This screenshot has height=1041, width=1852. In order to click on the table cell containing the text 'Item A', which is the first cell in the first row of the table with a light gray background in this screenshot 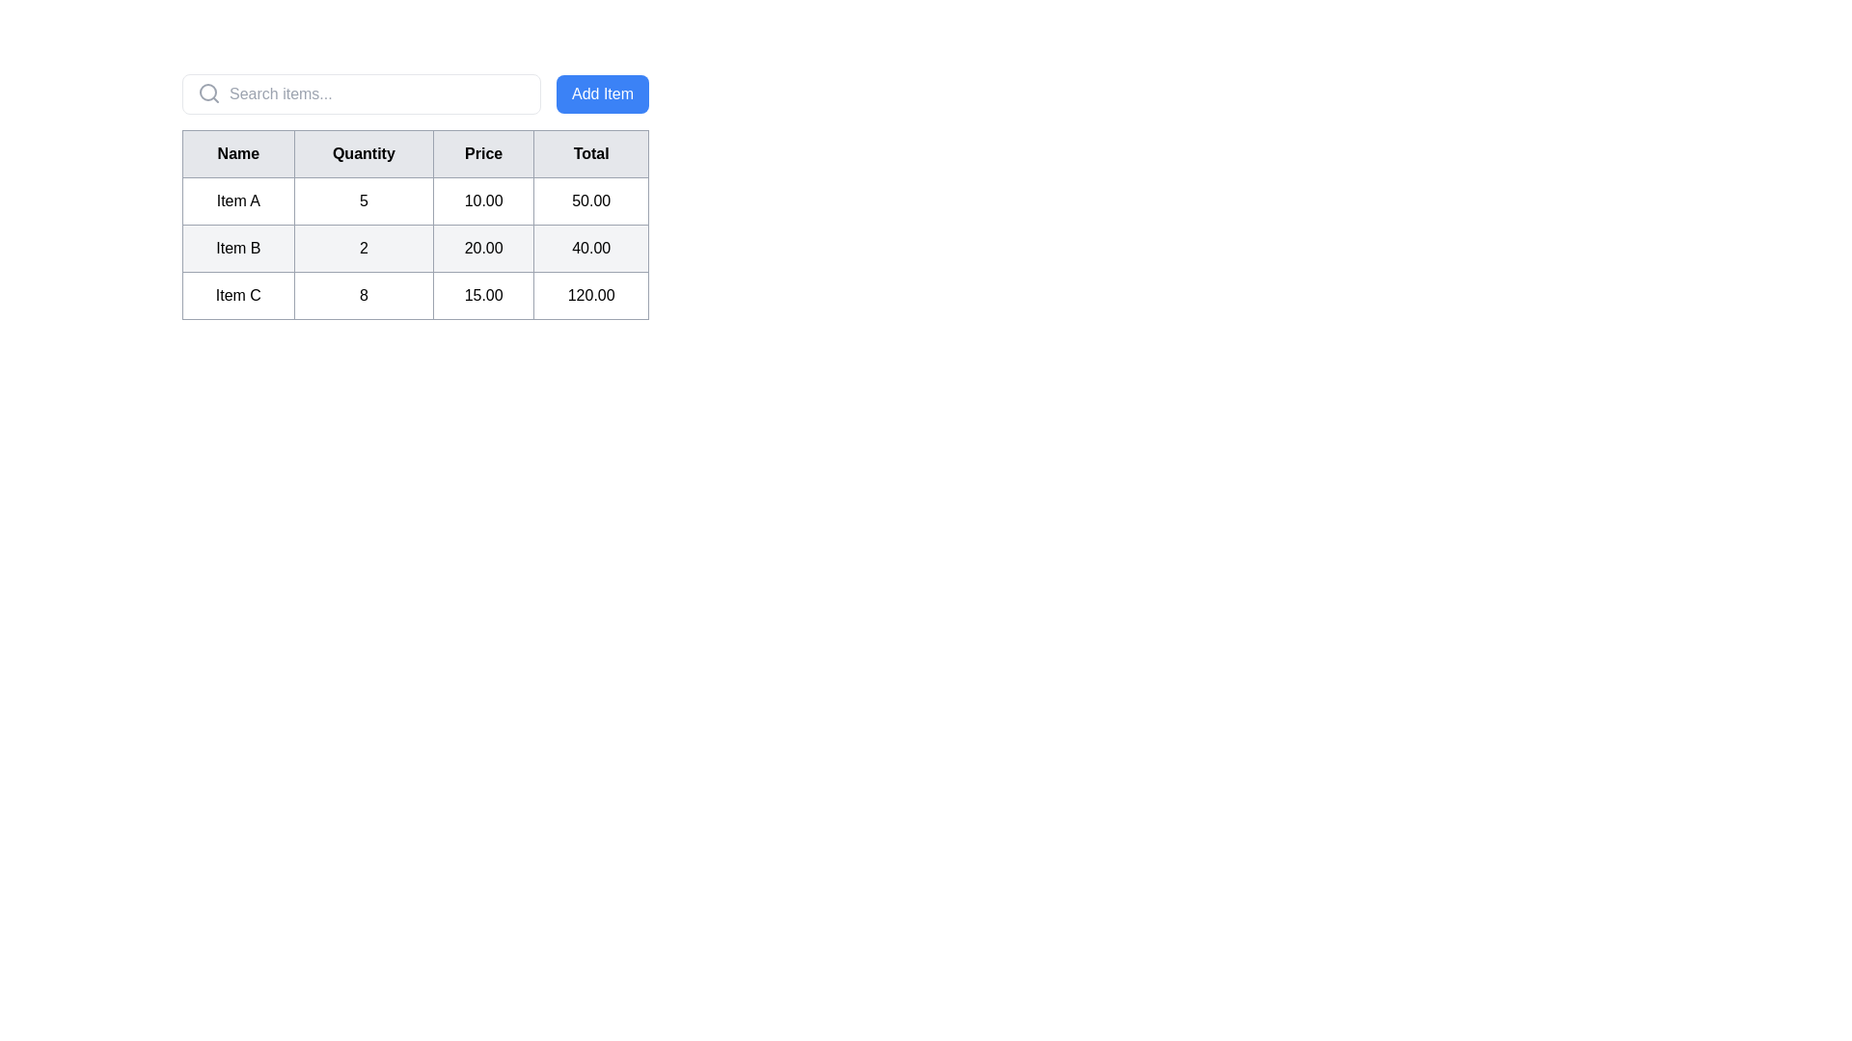, I will do `click(237, 200)`.